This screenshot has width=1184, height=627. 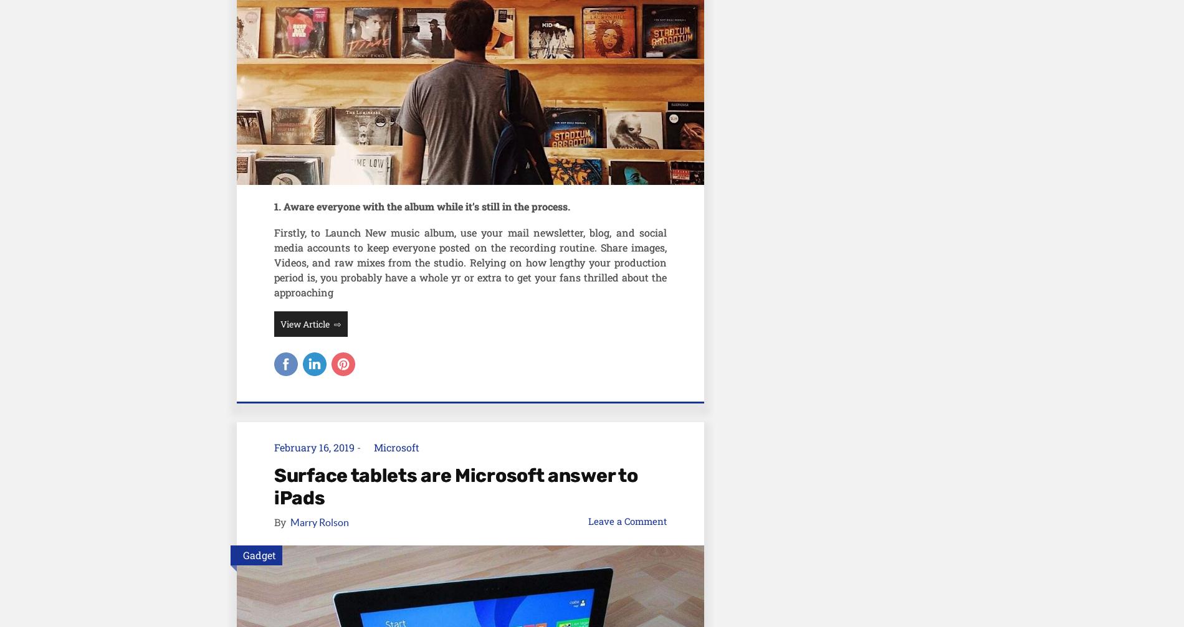 I want to click on '. Aware everyone with the album while it’s still in the process.', so click(x=424, y=206).